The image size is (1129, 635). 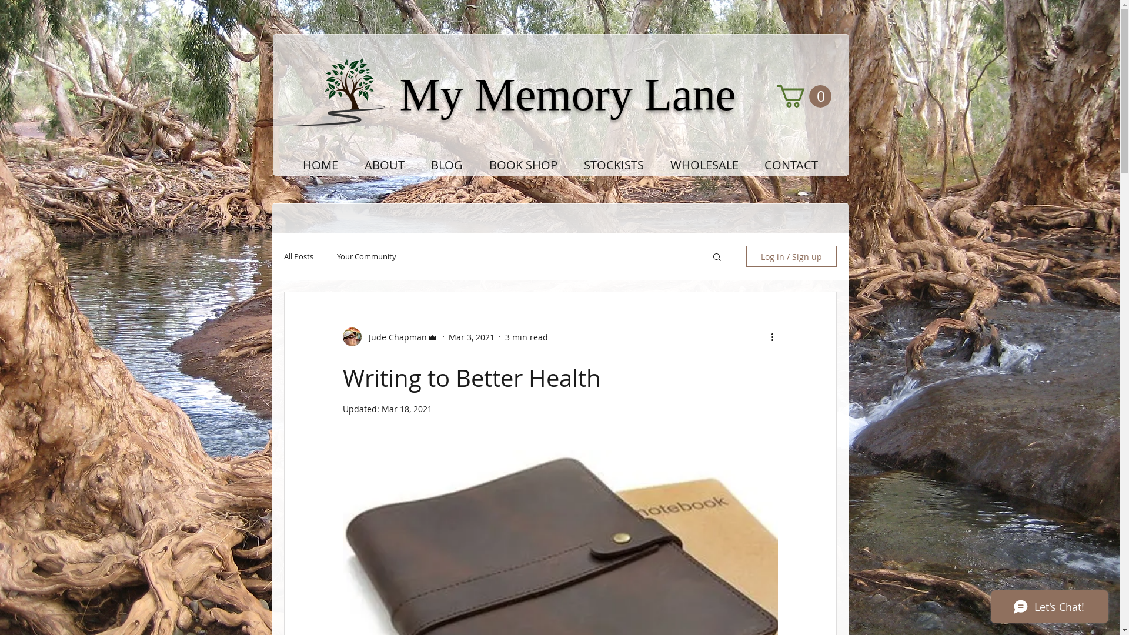 What do you see at coordinates (803, 96) in the screenshot?
I see `'0'` at bounding box center [803, 96].